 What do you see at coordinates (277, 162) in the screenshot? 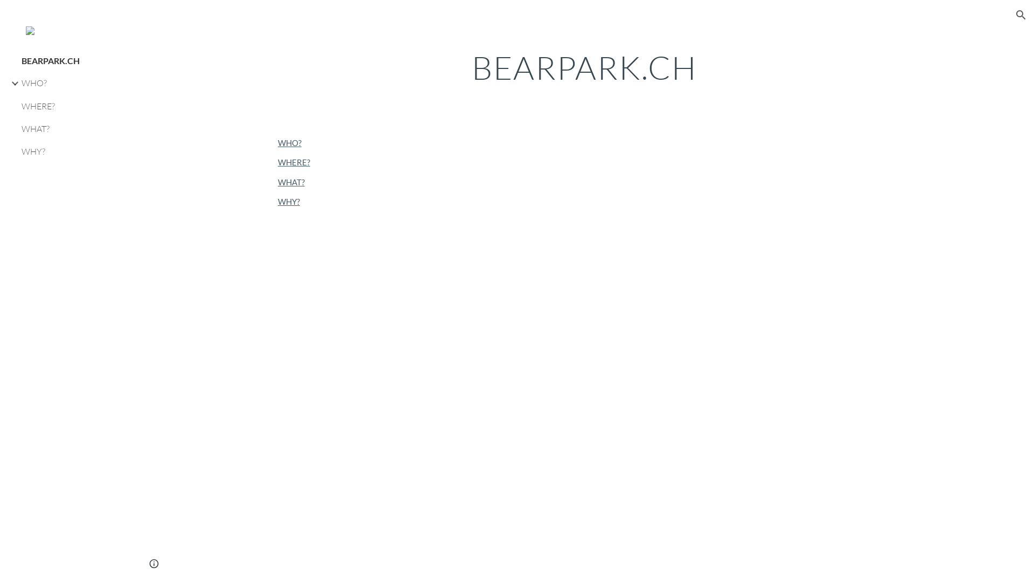
I see `'WHERE?'` at bounding box center [277, 162].